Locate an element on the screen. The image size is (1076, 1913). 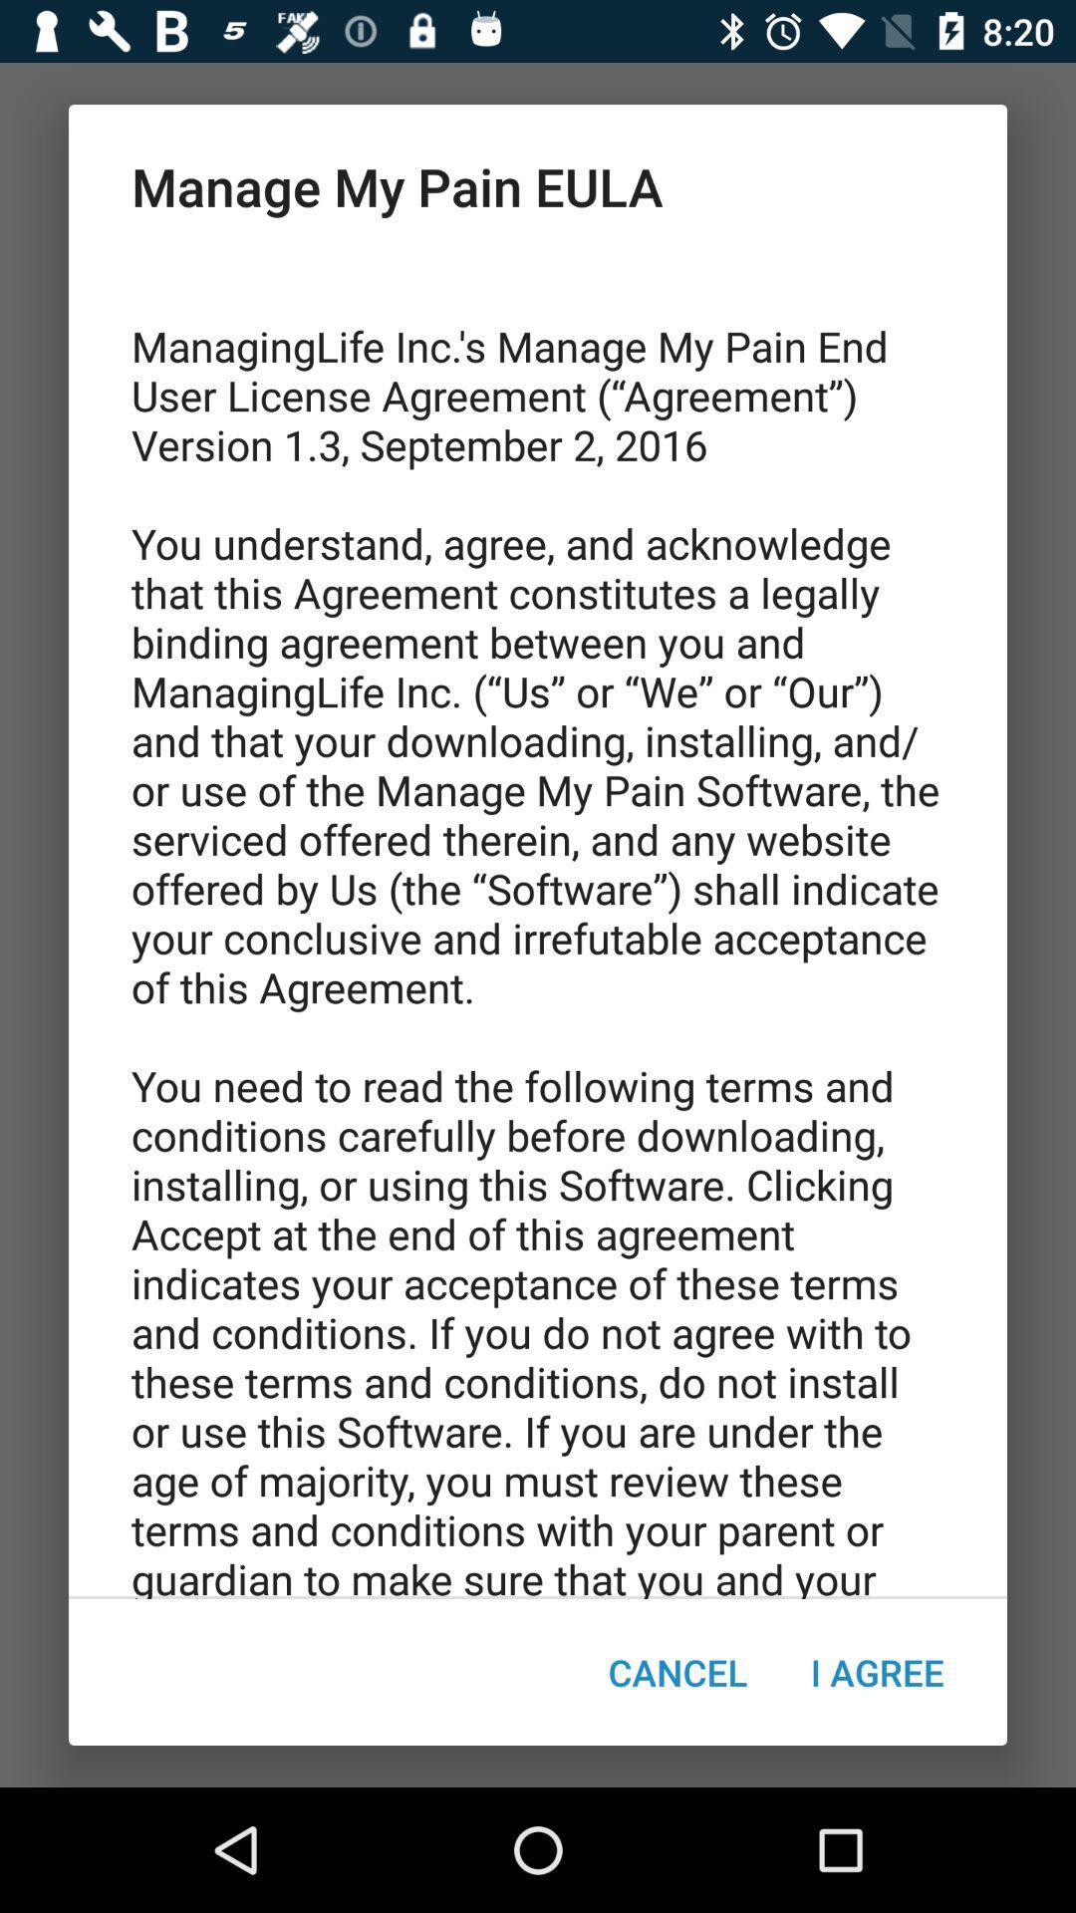
the cancel button is located at coordinates (676, 1672).